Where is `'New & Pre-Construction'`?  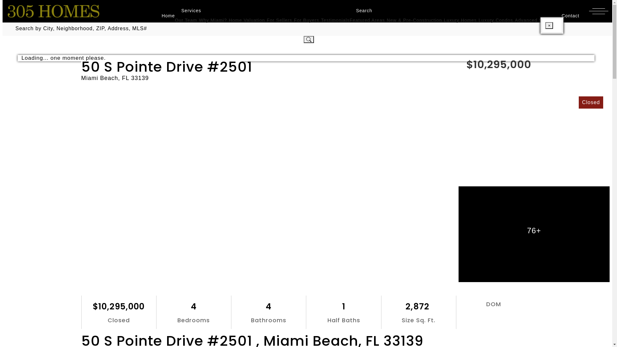
'New & Pre-Construction' is located at coordinates (386, 20).